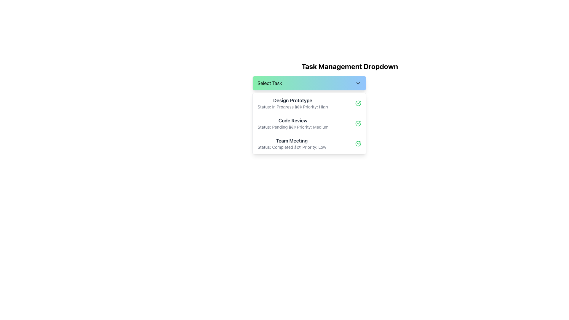 The image size is (569, 320). I want to click on the Text Block that displays 'Design Prototype', so click(293, 103).